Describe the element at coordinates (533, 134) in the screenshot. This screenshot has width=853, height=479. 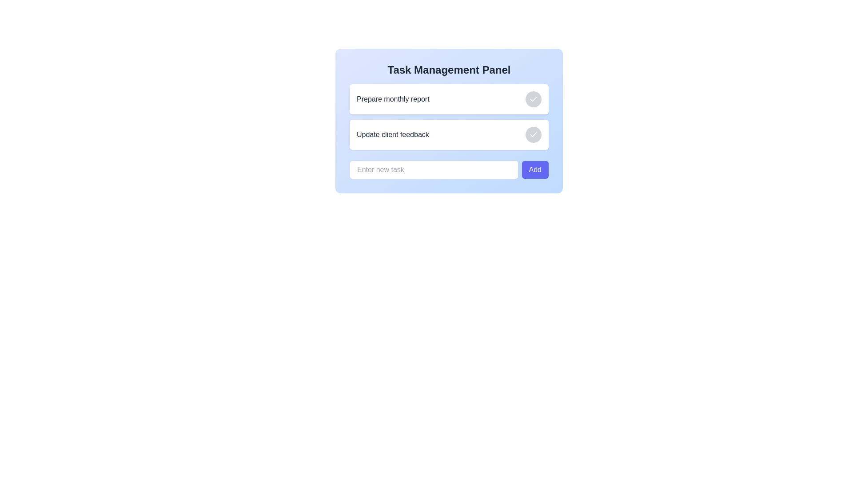
I see `the appearance of the completion icon for the task 'Prepare monthly report', which is located at the right end of the first task line in the vertical list of tasks` at that location.